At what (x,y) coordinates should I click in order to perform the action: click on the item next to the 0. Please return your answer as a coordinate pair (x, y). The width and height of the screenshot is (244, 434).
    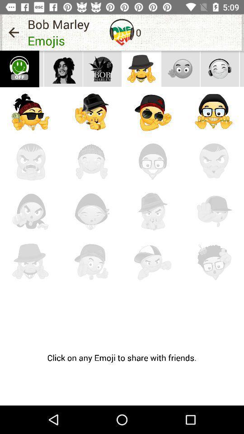
    Looking at the image, I should click on (122, 32).